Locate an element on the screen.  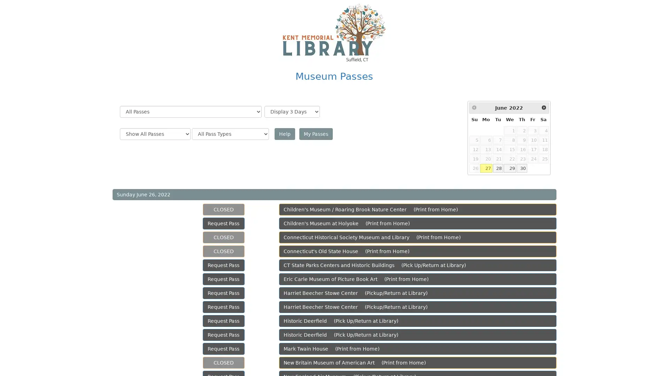
CT State Parks Centers and Historic Buildings     (Pick Up/Return at Library) is located at coordinates (417, 265).